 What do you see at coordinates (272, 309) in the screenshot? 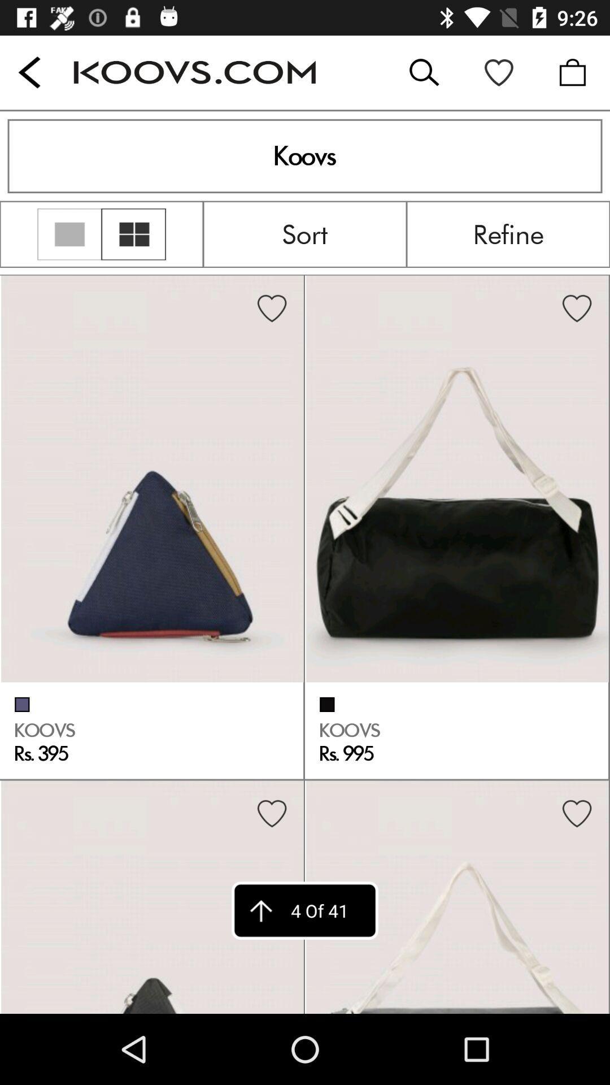
I see `the heart symbol in first image on left` at bounding box center [272, 309].